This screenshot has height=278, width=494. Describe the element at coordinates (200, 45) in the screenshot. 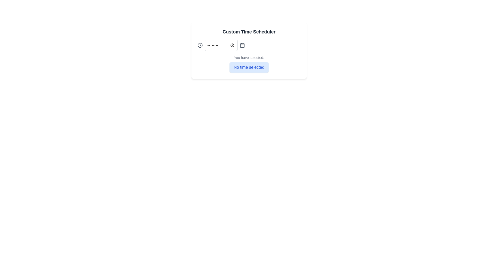

I see `the SVG circle element representing the border of a clock icon, positioned to the left of the time input field labeled with dashes ('--:--'), to trigger a tooltip or visual effect` at that location.